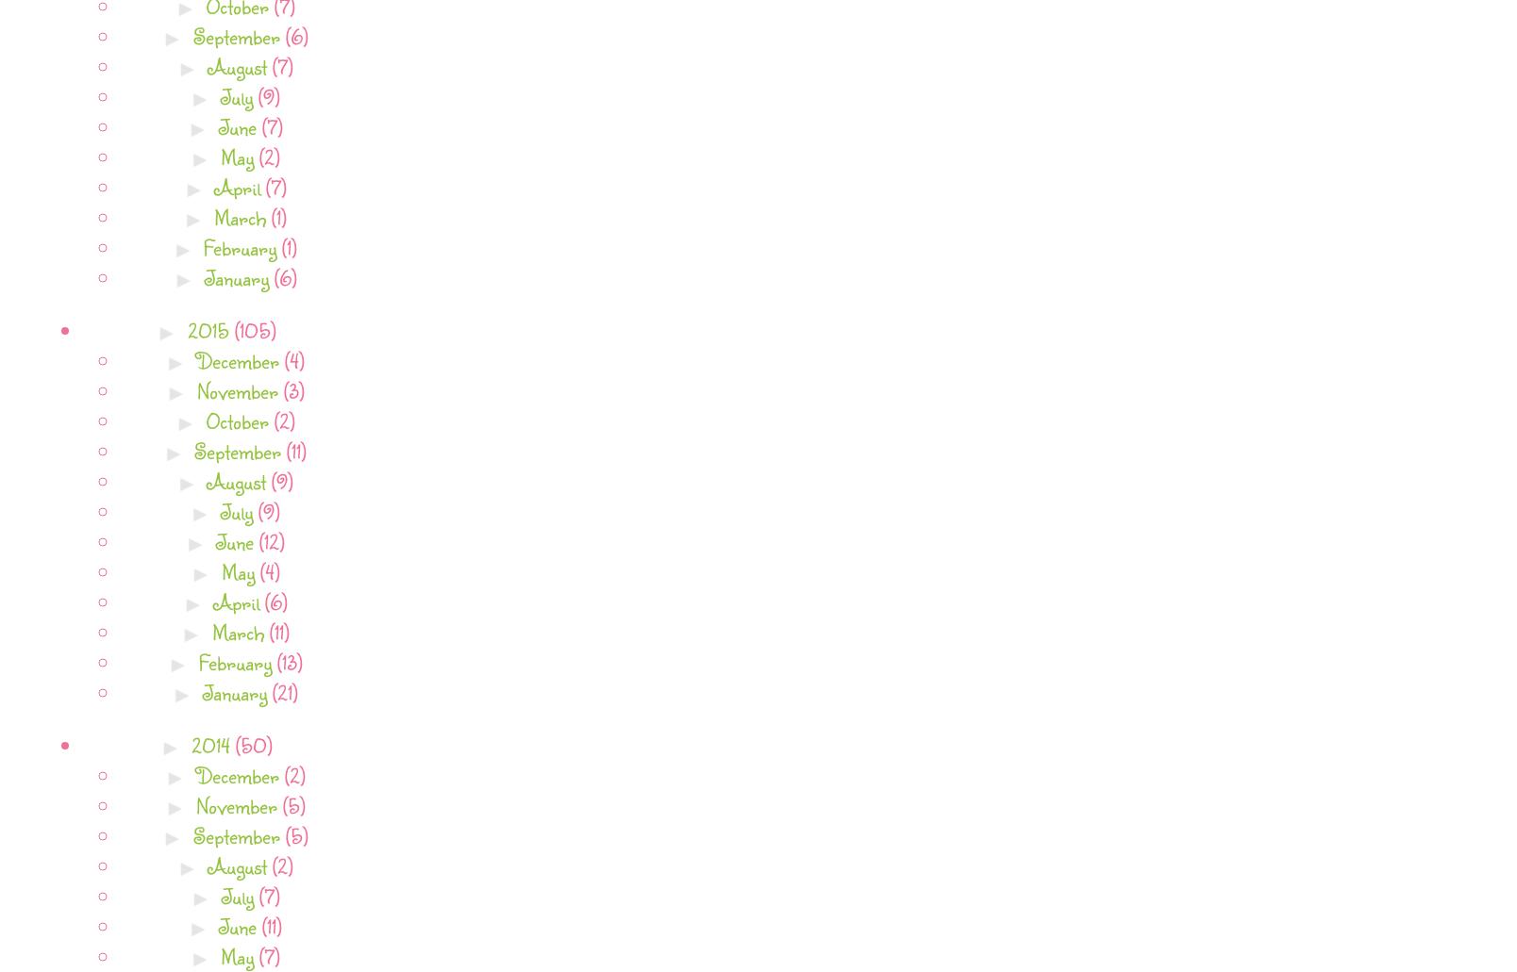  I want to click on '(50)', so click(253, 743).